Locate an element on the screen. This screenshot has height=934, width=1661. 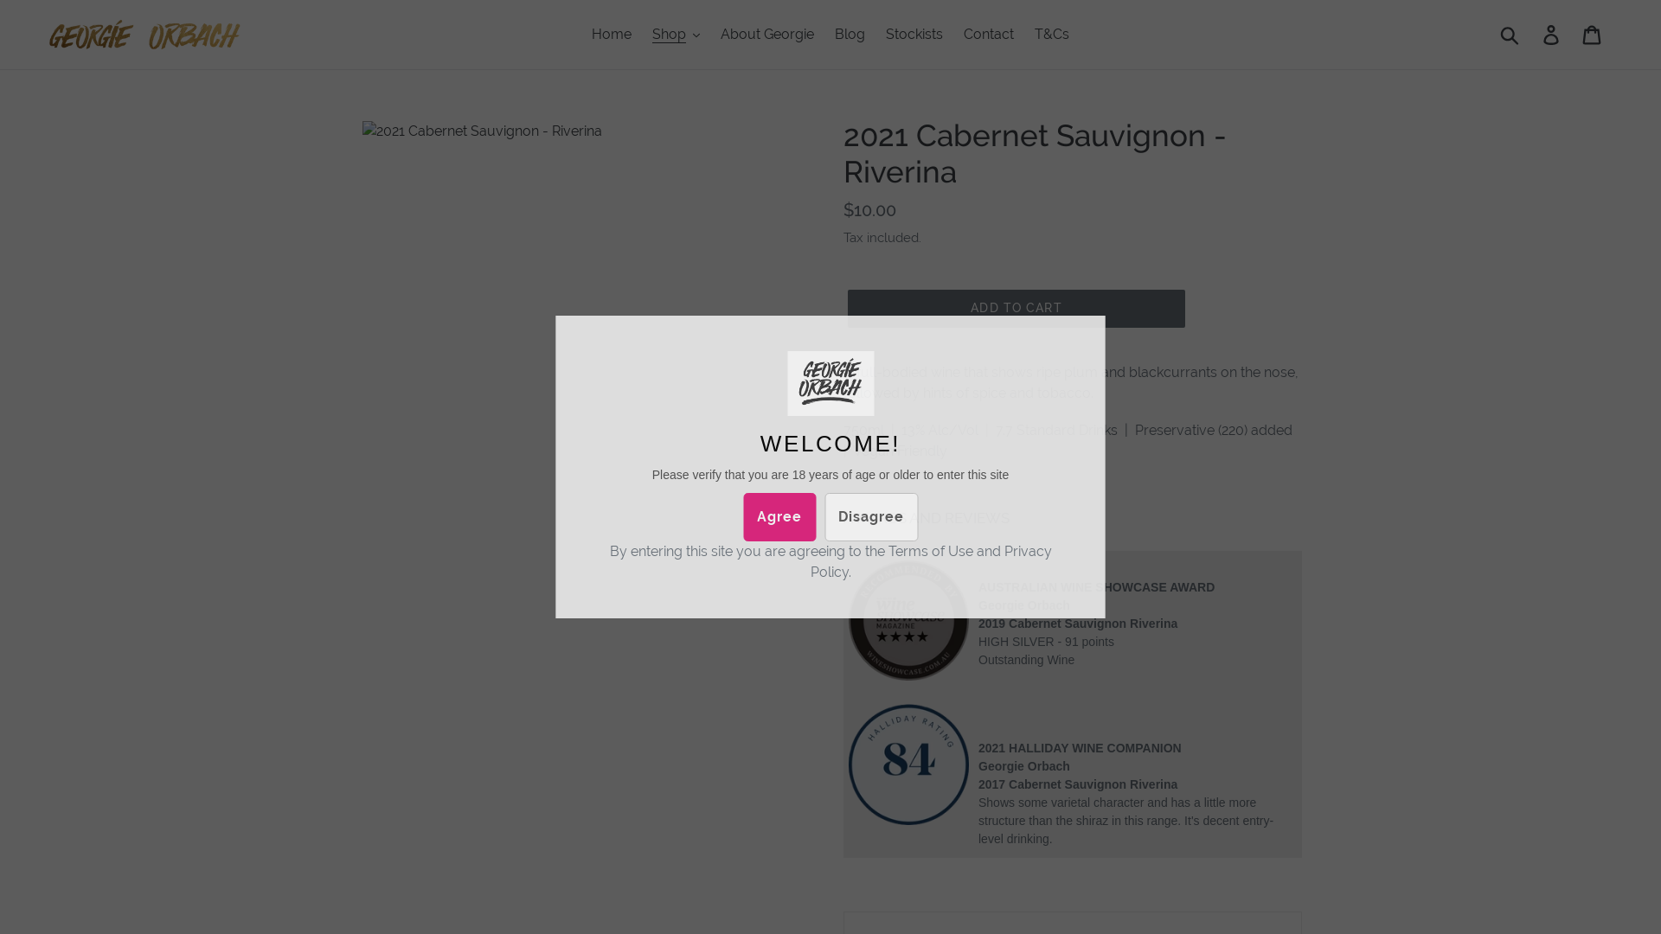
'About Georgie' is located at coordinates (766, 34).